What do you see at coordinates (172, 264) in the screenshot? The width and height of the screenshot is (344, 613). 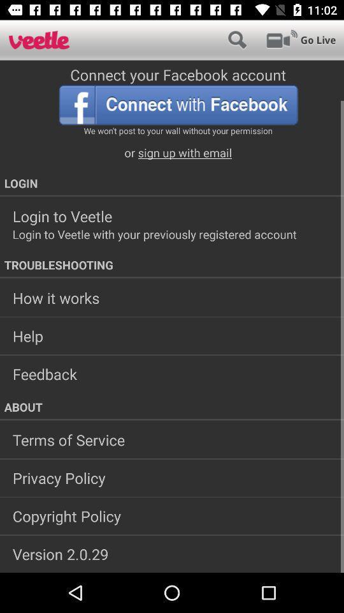 I see `the icon above how it works` at bounding box center [172, 264].